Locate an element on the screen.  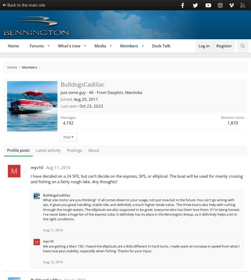
'Postings' is located at coordinates (74, 150).